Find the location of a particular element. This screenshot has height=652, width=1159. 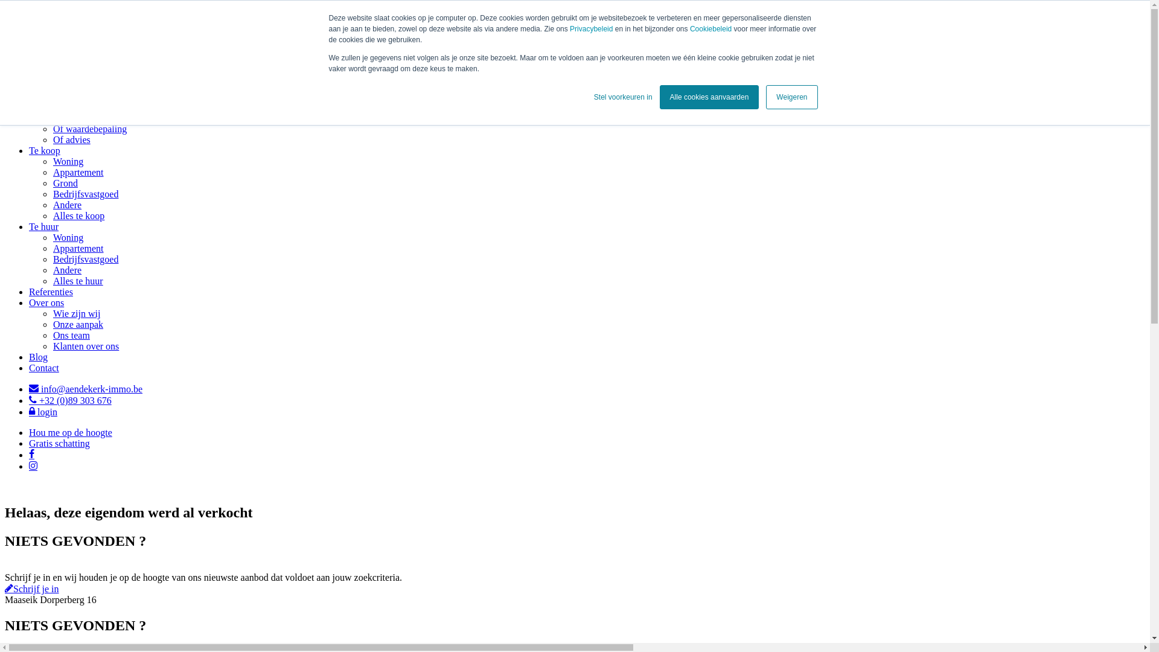

'Link homepage' is located at coordinates (66, 42).